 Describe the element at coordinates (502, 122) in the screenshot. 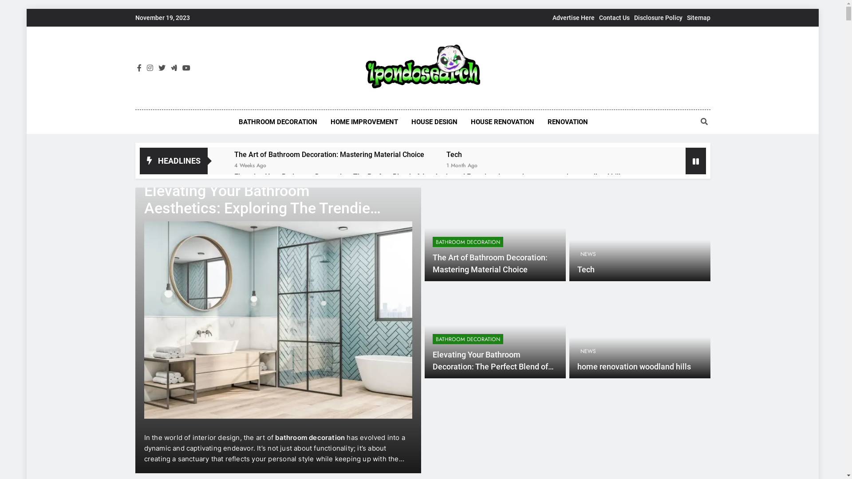

I see `'HOUSE RENOVATION'` at that location.